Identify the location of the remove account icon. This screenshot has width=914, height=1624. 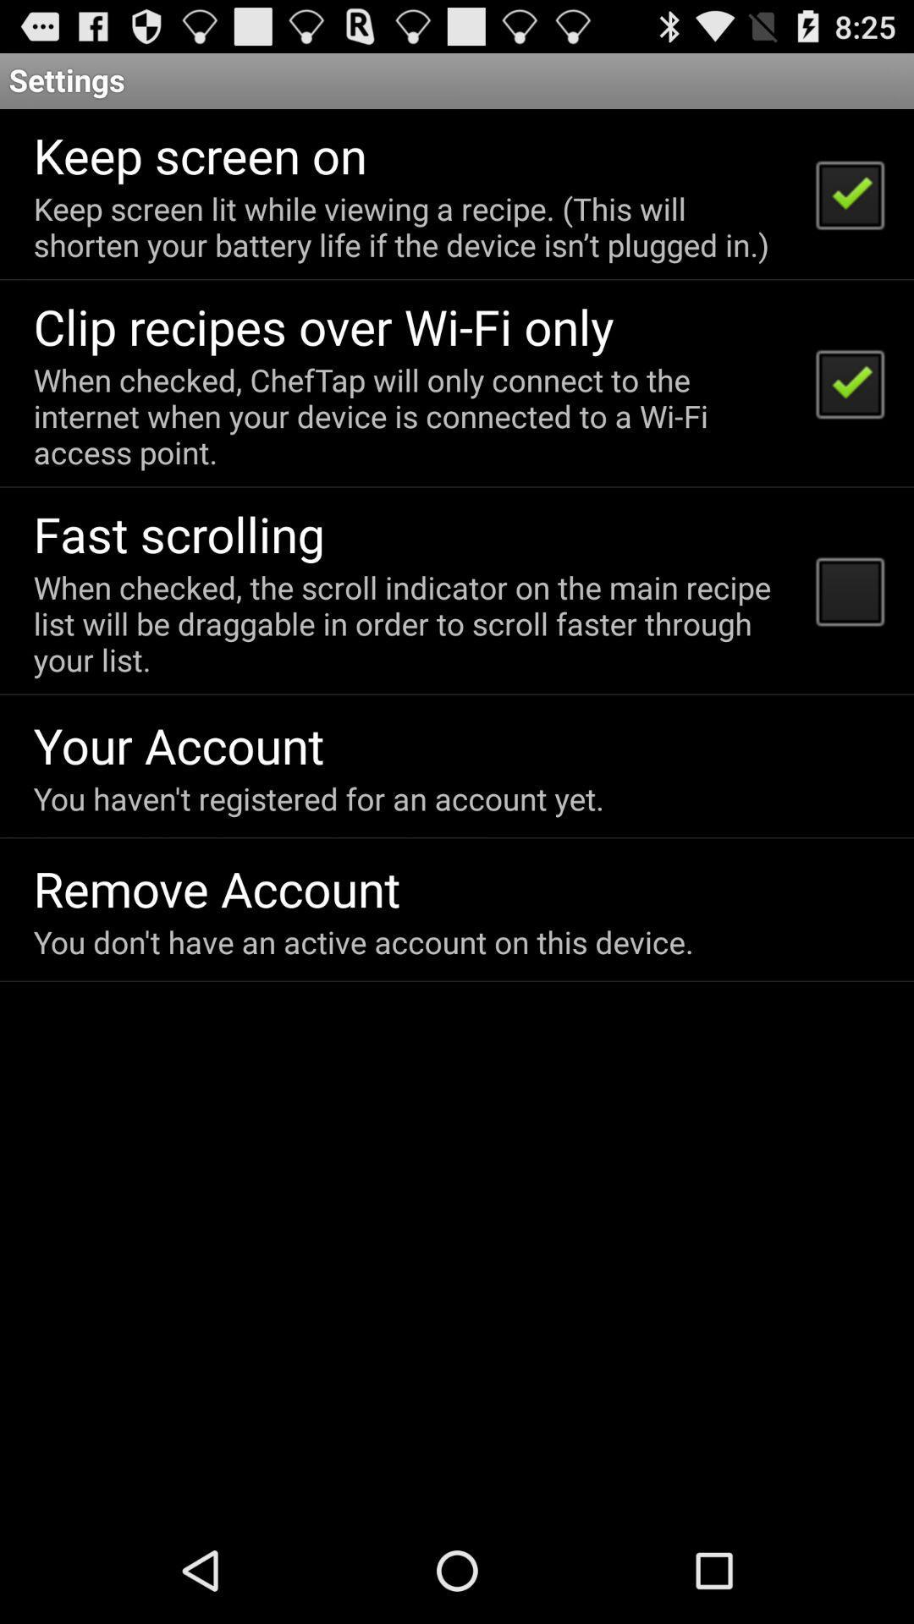
(216, 887).